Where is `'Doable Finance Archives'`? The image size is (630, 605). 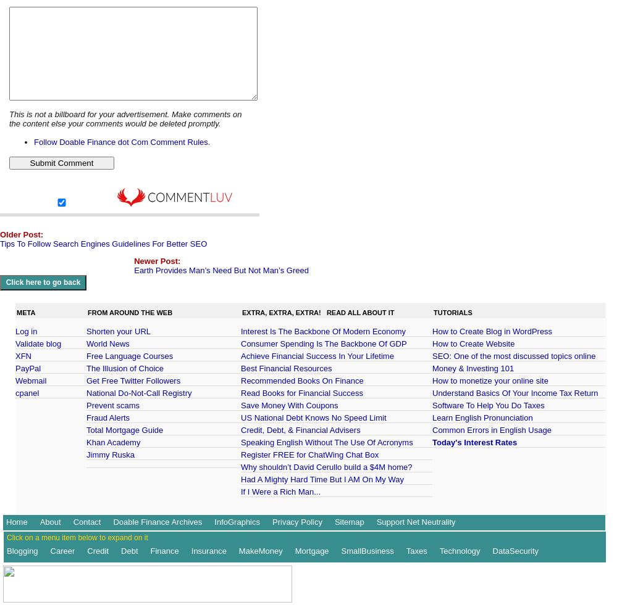 'Doable Finance Archives' is located at coordinates (157, 521).